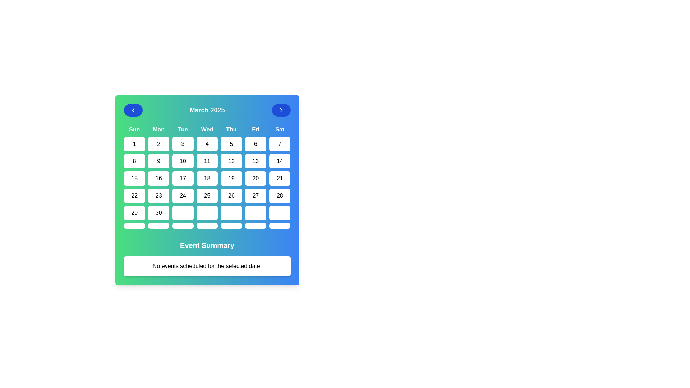  I want to click on the button located under the 'Mon' weekday column, so click(158, 225).